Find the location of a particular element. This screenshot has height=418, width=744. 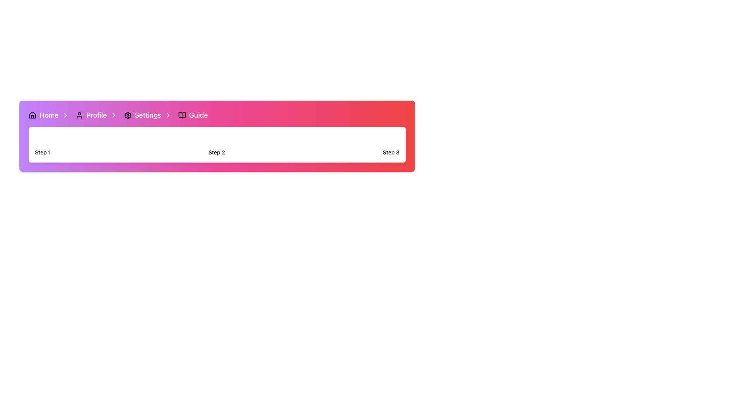

the breadcrumb trail for navigation context by focusing on the rightward arrow icon (Chevron Icon) that is part of the 'Settings >' section in the breadcrumb navigation bar is located at coordinates (113, 115).